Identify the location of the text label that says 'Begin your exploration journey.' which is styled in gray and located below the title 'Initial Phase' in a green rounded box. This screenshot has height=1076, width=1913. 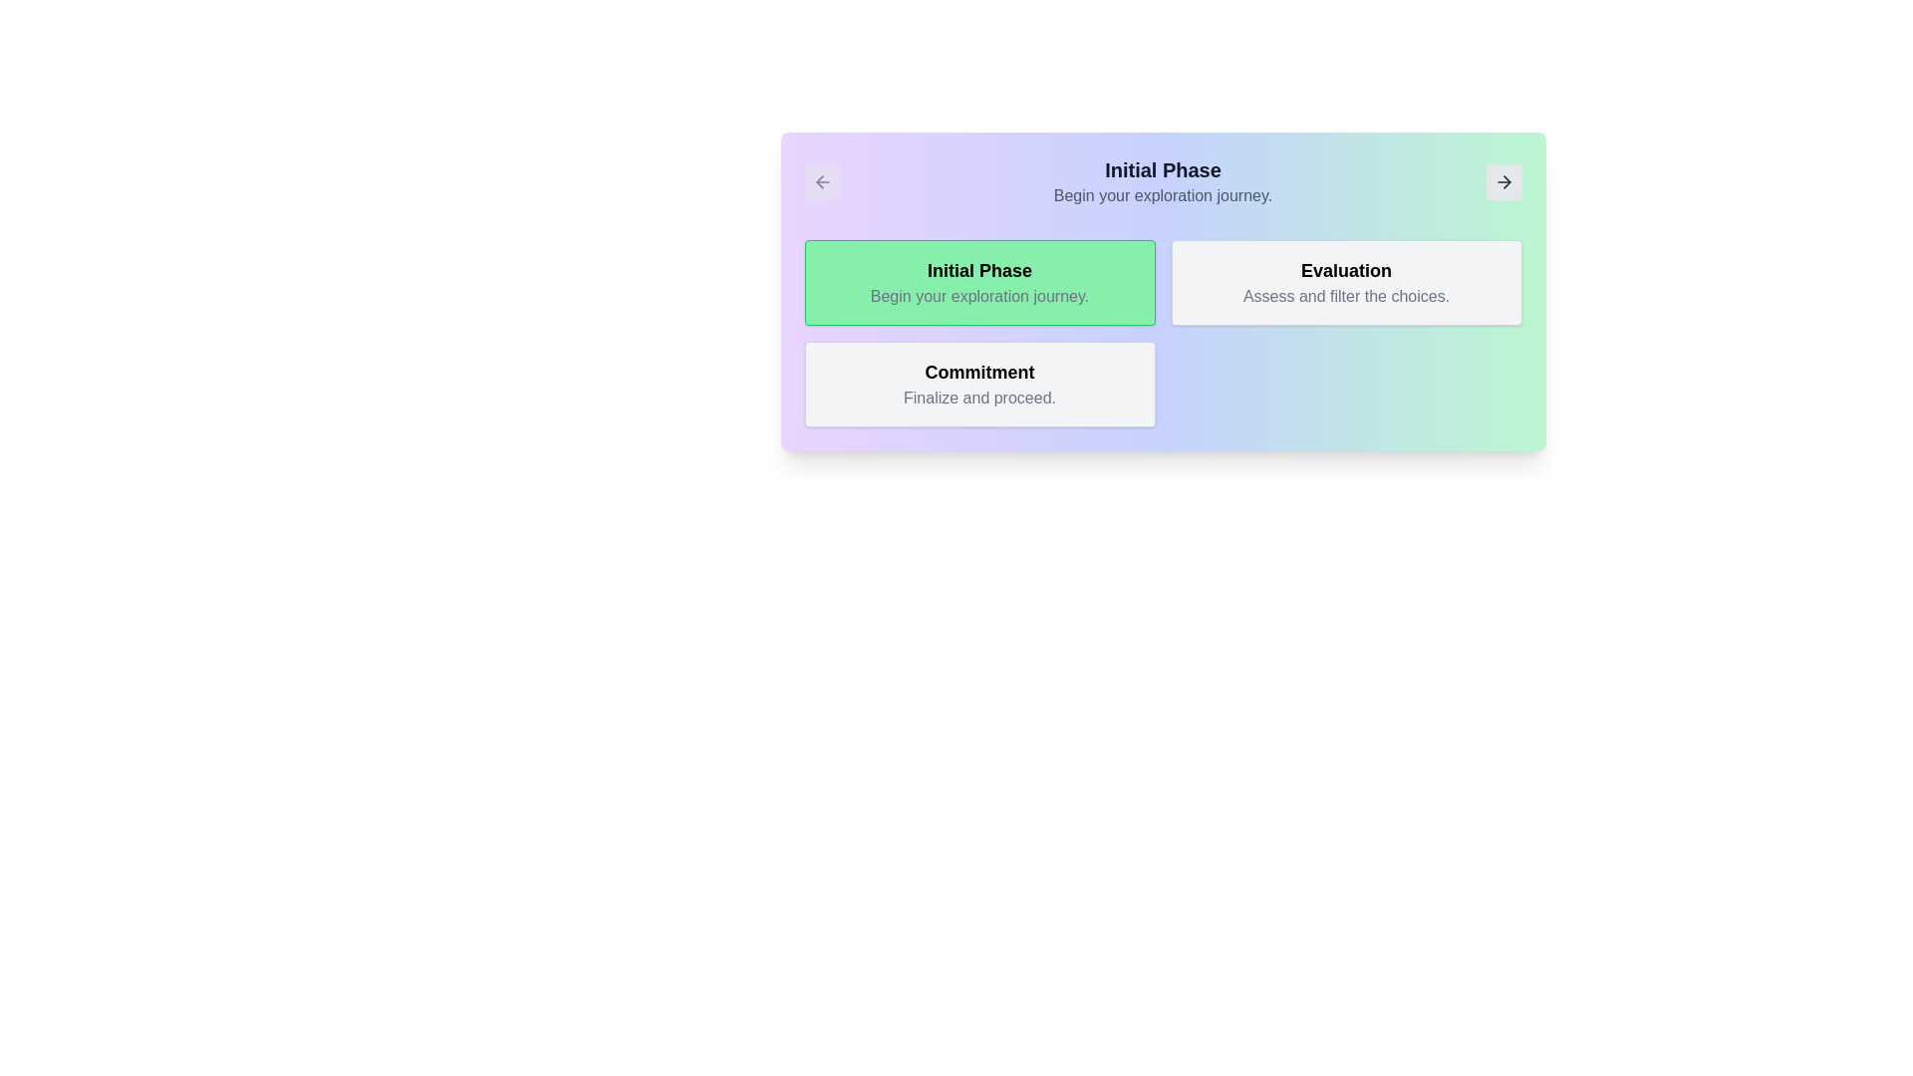
(979, 296).